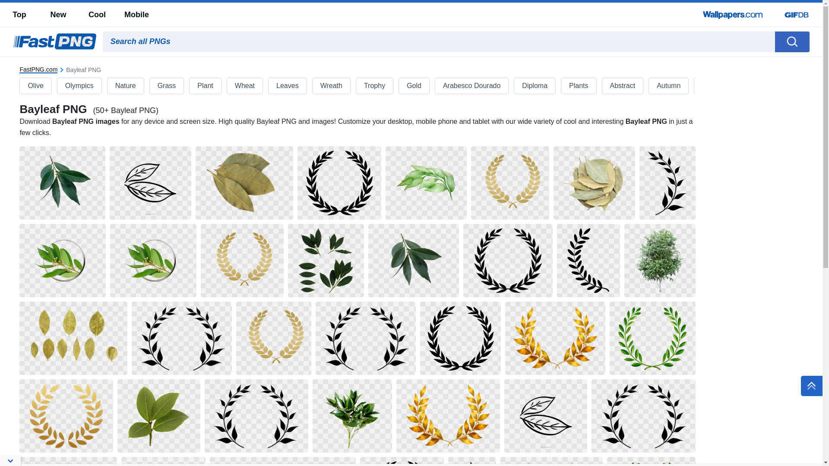 This screenshot has width=829, height=466. Describe the element at coordinates (471, 86) in the screenshot. I see `'Arabesco Dourado'` at that location.